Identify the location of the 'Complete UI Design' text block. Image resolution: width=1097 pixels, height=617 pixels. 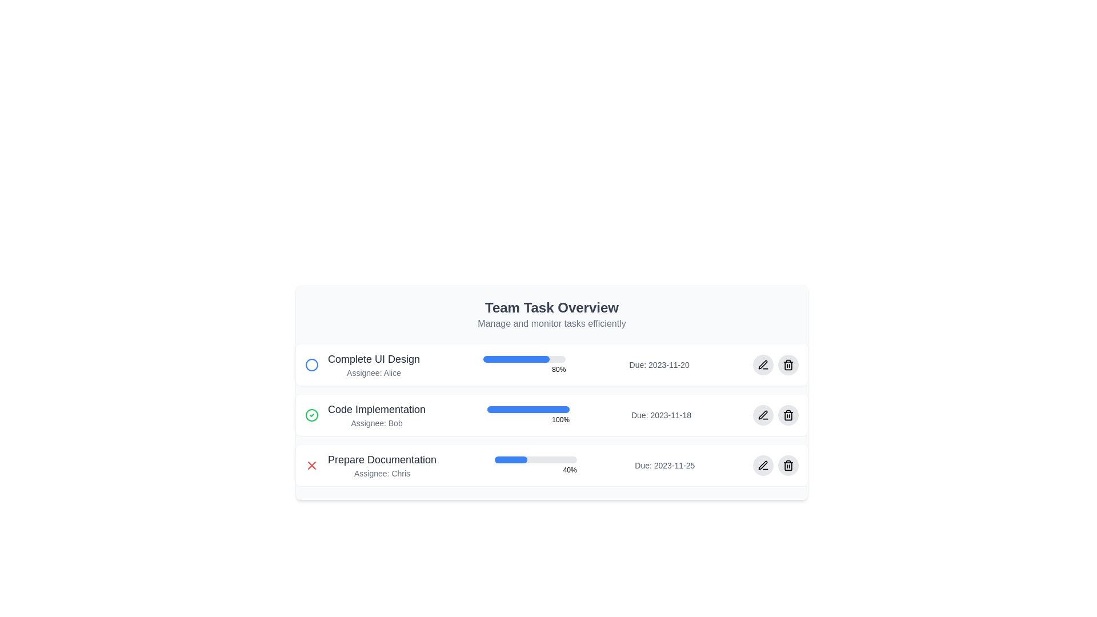
(374, 365).